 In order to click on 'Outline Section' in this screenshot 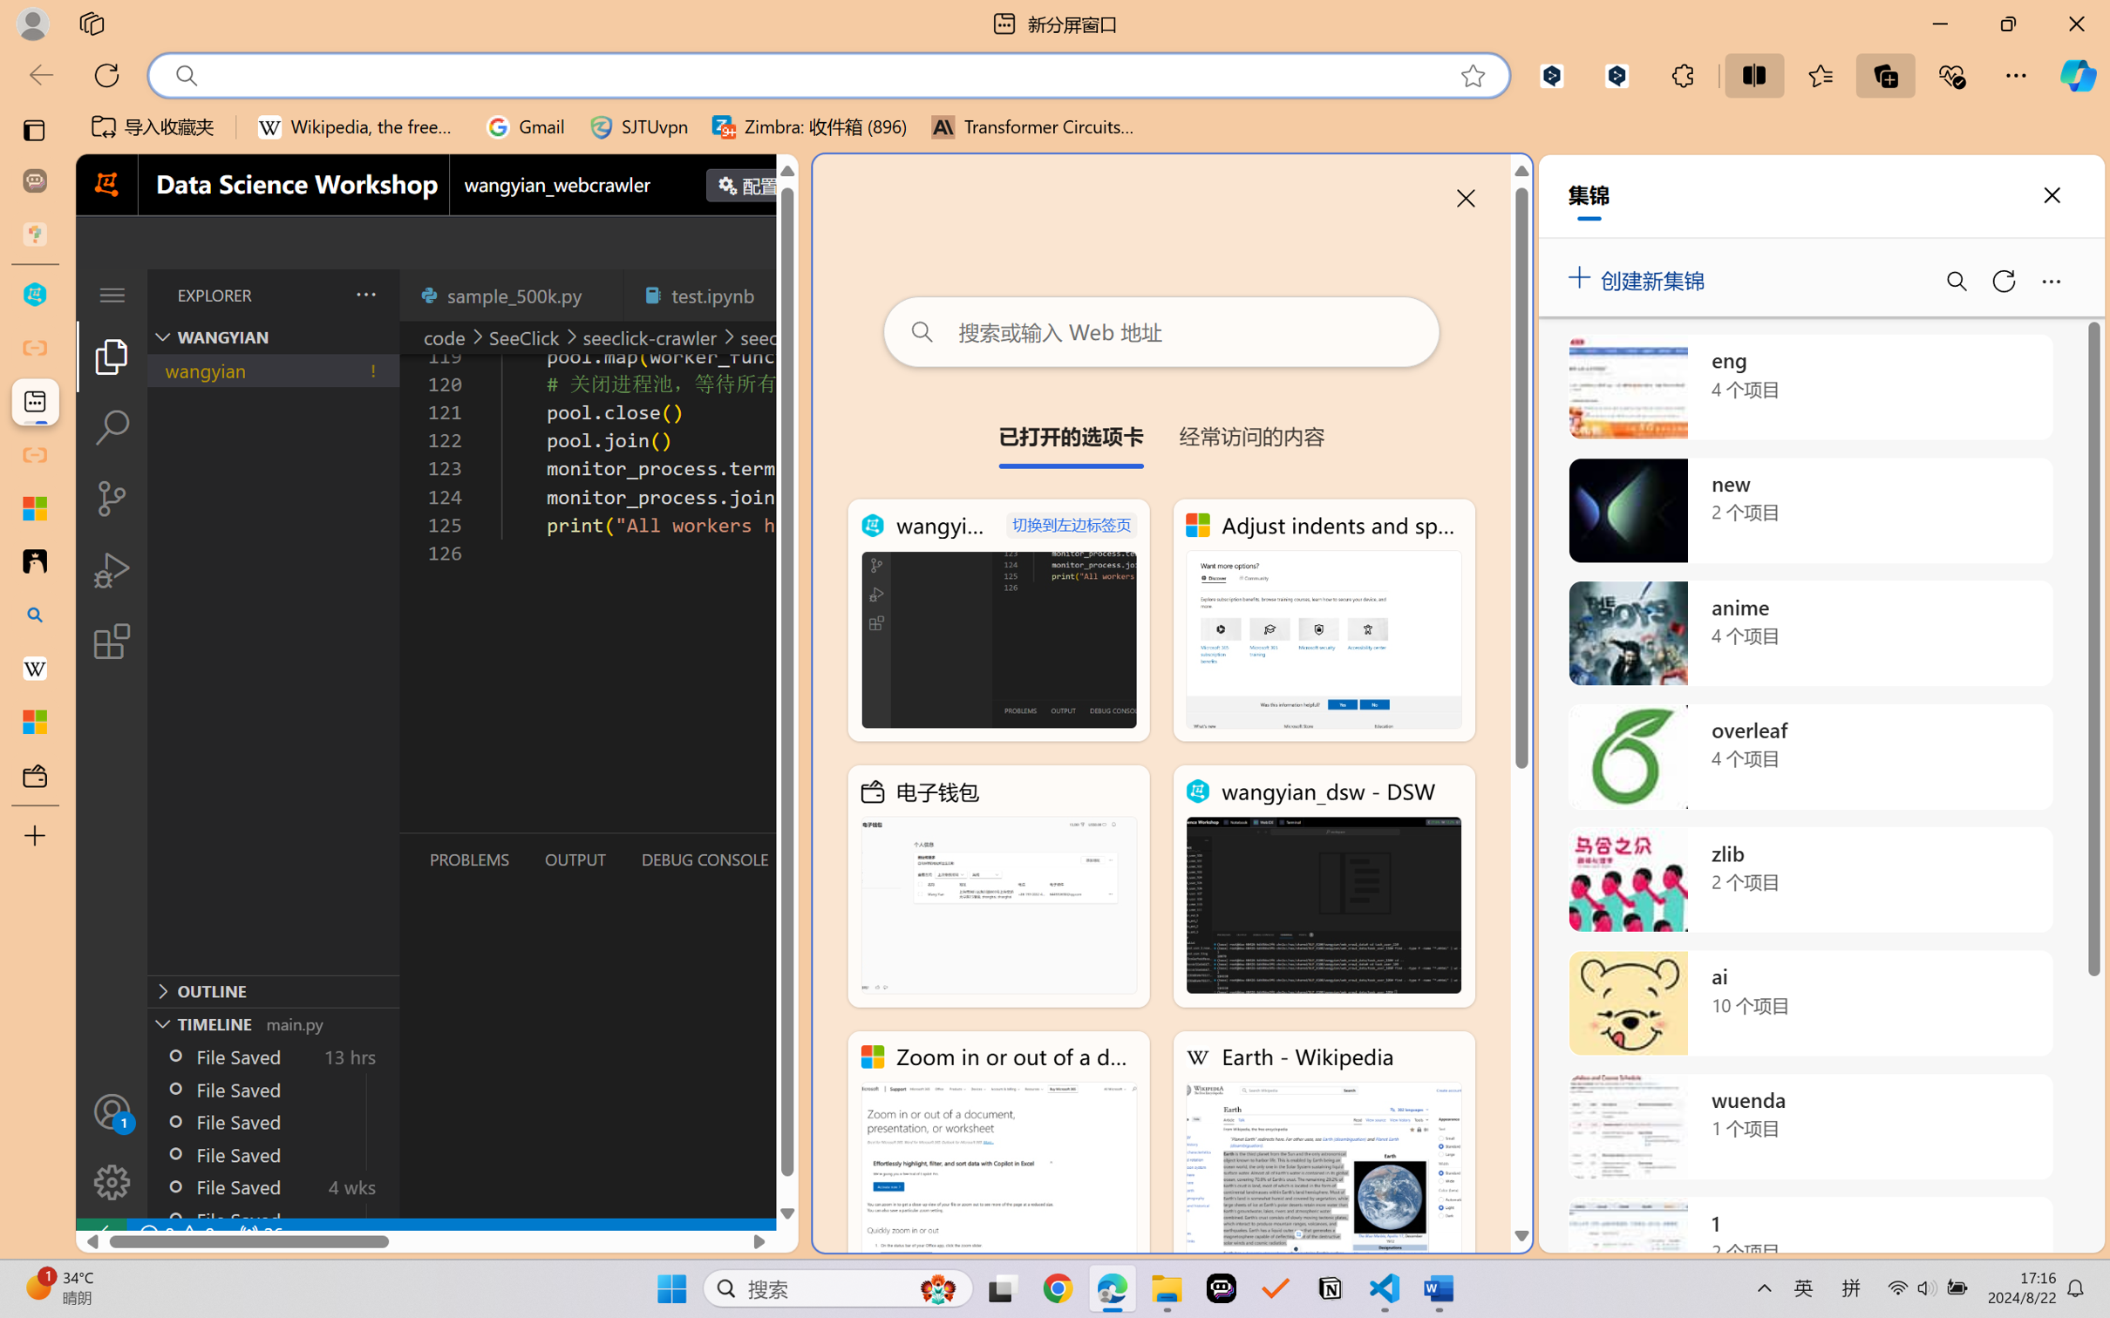, I will do `click(273, 989)`.